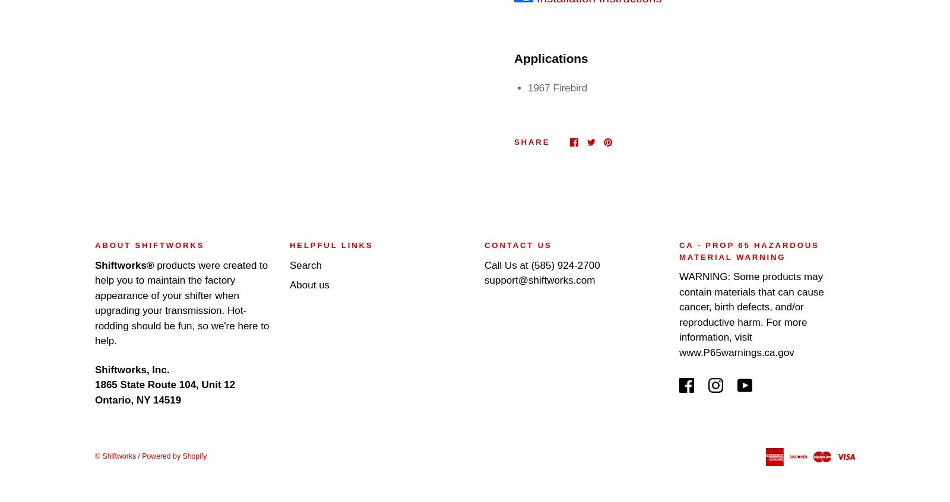 The height and width of the screenshot is (502, 950). Describe the element at coordinates (750, 314) in the screenshot. I see `'WARNING: Some products may contain materials that can cause cancer, birth defects, and/or reproductive harm. For more information, visit www.P65warnings.ca.gov'` at that location.